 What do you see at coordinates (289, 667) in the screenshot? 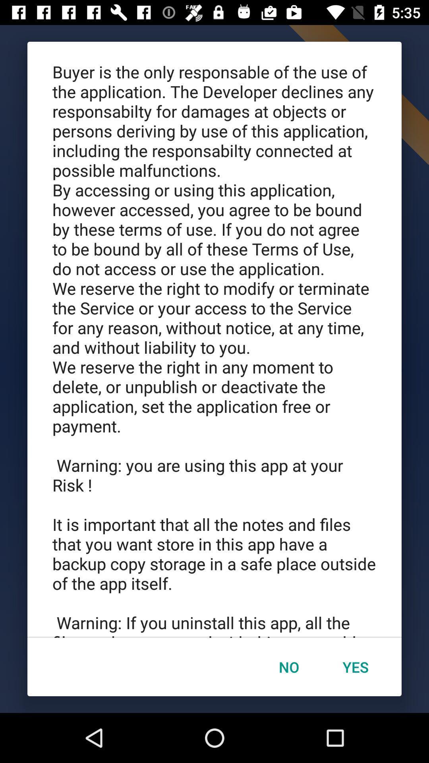
I see `item to the left of the yes` at bounding box center [289, 667].